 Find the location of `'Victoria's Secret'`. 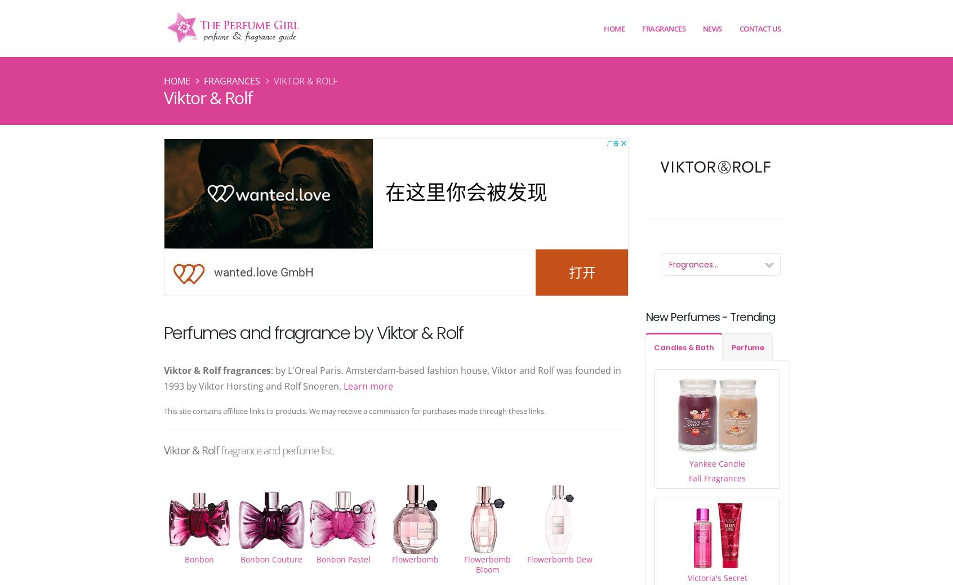

'Victoria's Secret' is located at coordinates (716, 577).